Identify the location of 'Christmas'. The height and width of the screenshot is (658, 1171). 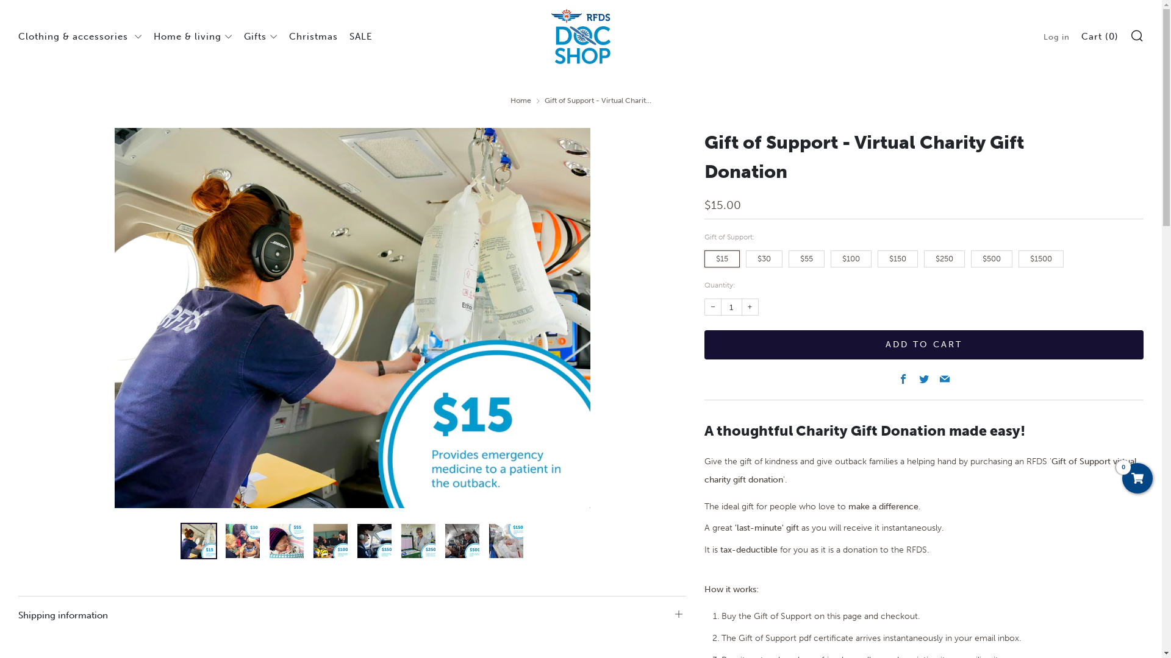
(313, 36).